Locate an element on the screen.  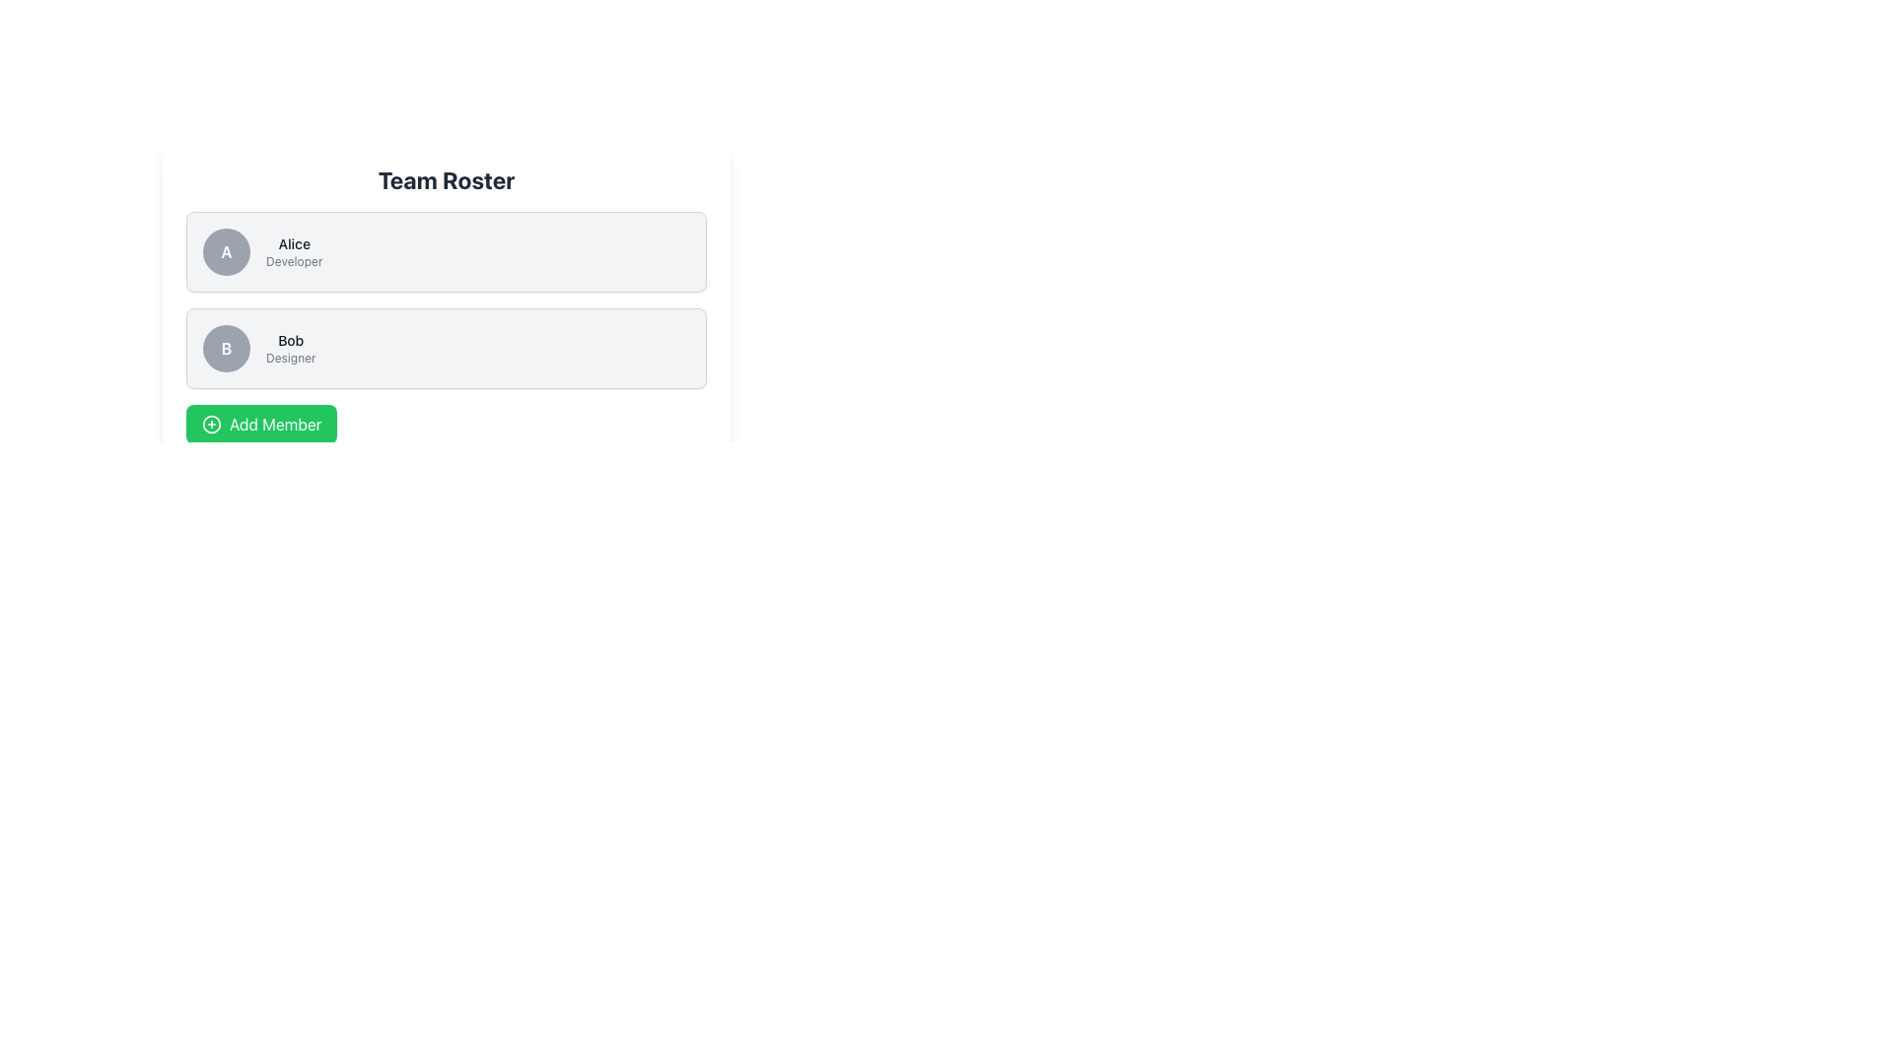
the Profile card for 'Bob', which is the second card in the 'Team Roster' list, featuring a circular avatar with 'B', bold name 'Bob', and title 'Designer' is located at coordinates (445, 348).